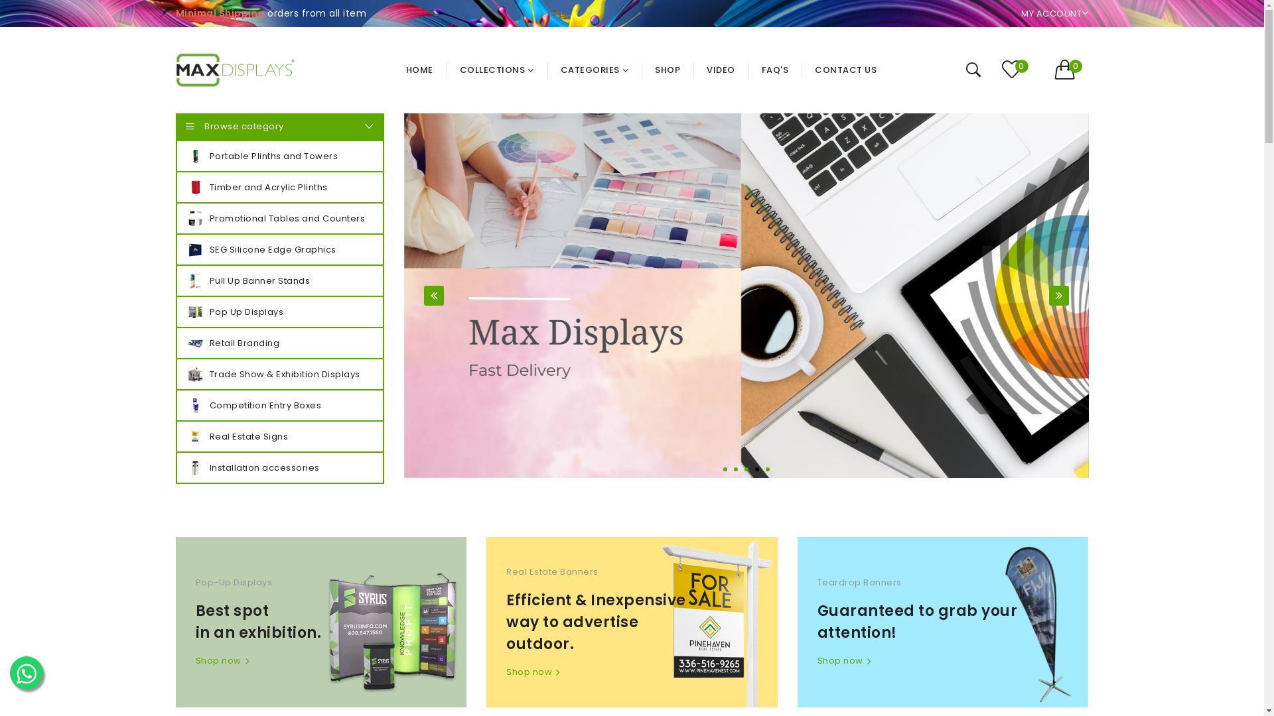 The width and height of the screenshot is (1274, 716). Describe the element at coordinates (496, 70) in the screenshot. I see `'COLLECTIONS'` at that location.